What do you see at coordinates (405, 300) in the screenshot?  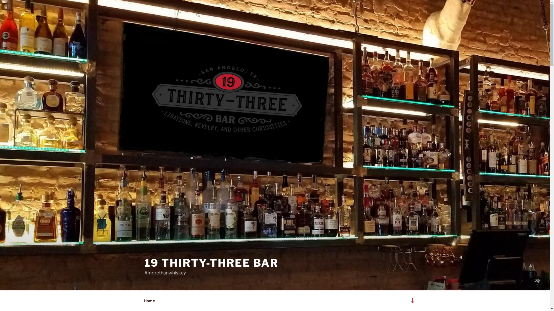 I see `'Scroll down to content'` at bounding box center [405, 300].